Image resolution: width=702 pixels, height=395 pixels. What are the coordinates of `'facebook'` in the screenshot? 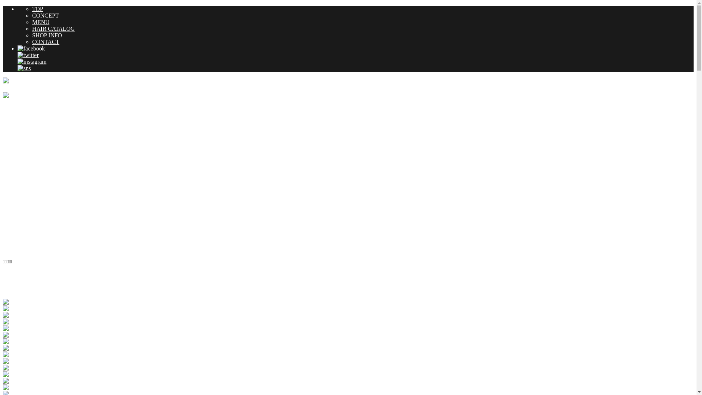 It's located at (31, 48).